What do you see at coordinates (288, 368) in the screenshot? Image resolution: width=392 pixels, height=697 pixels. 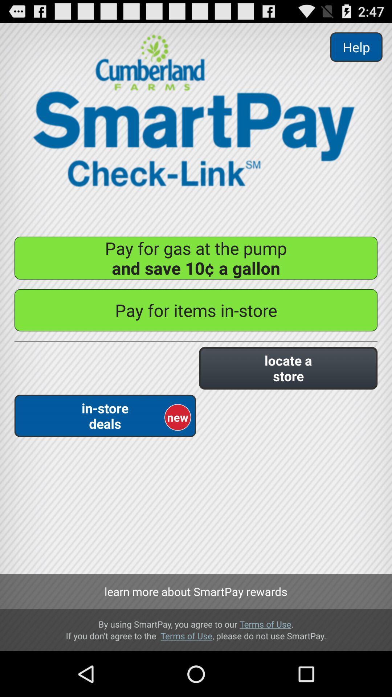 I see `icon to the right of in-store` at bounding box center [288, 368].